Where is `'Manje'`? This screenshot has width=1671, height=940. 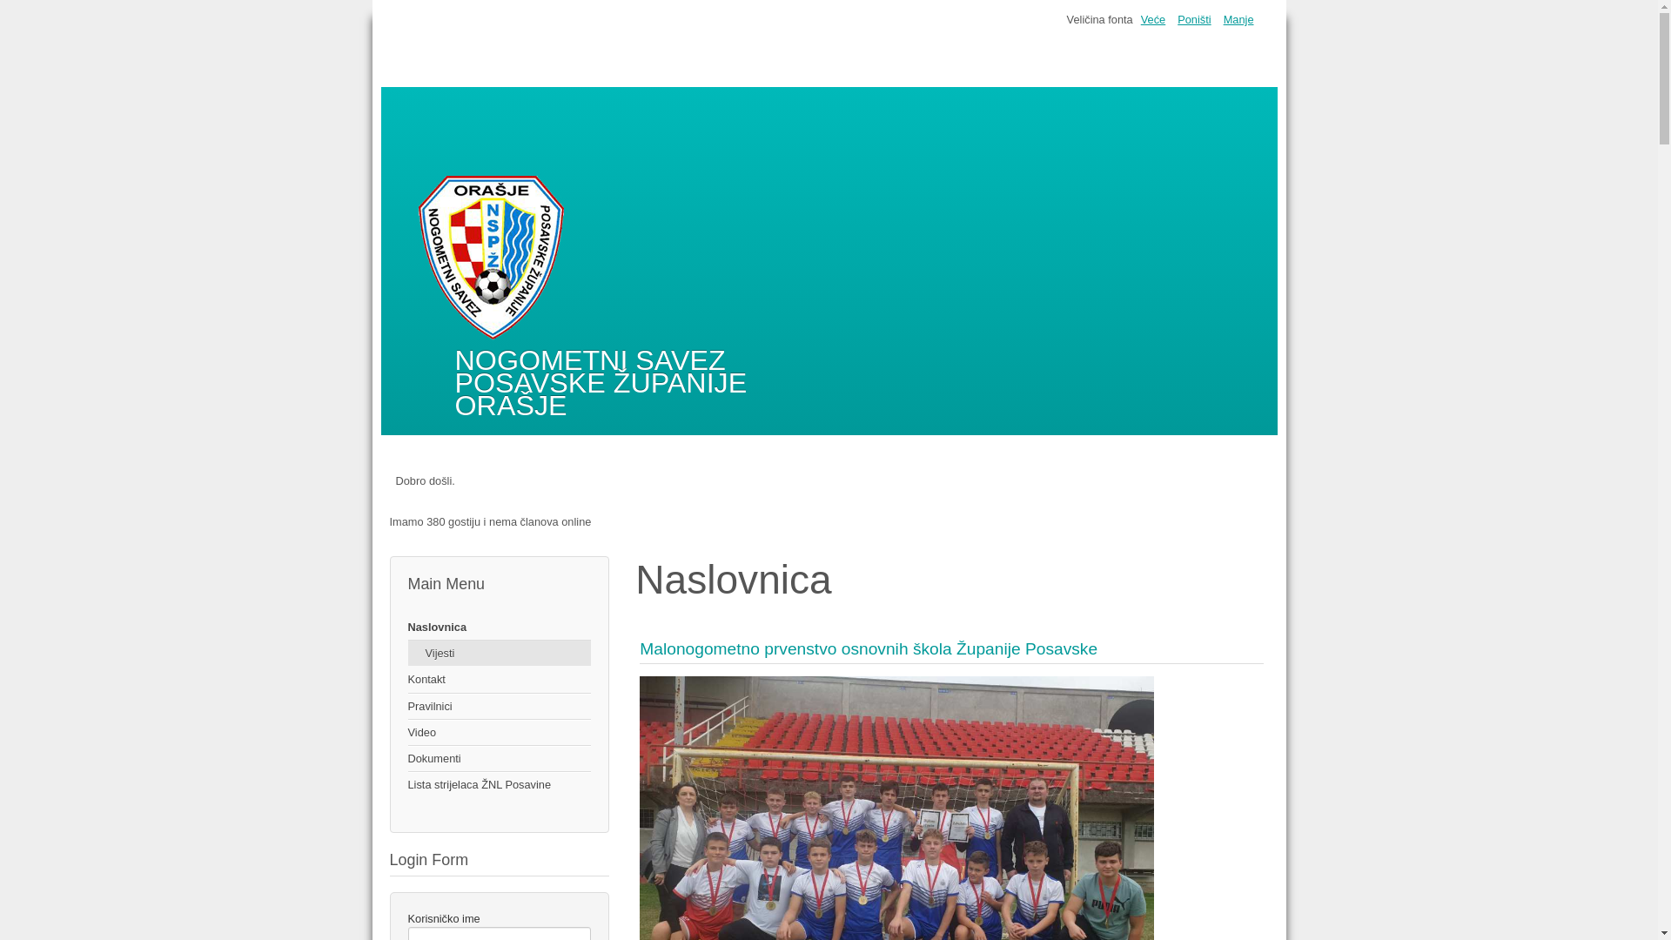 'Manje' is located at coordinates (1238, 19).